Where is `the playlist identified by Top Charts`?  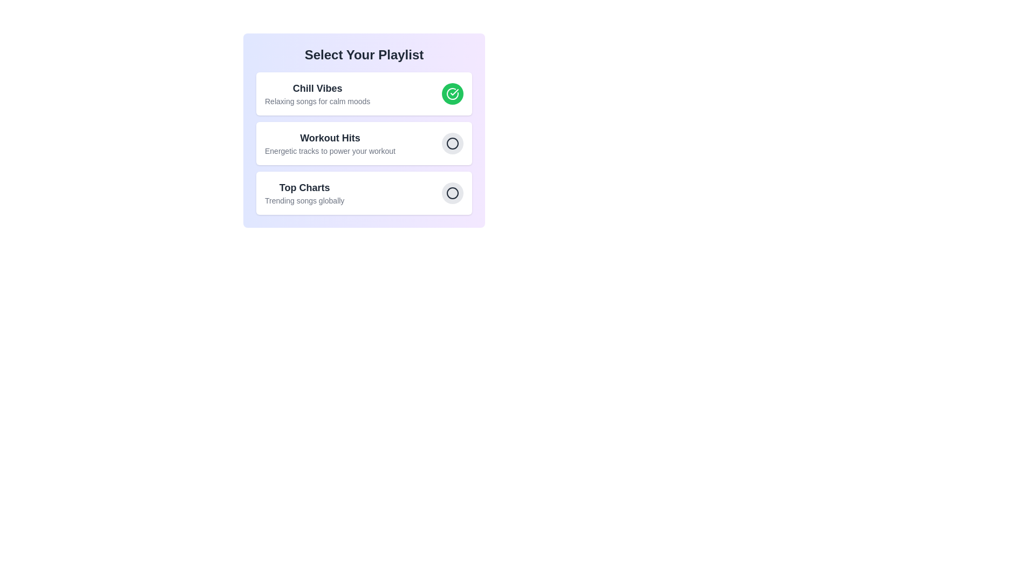
the playlist identified by Top Charts is located at coordinates (453, 193).